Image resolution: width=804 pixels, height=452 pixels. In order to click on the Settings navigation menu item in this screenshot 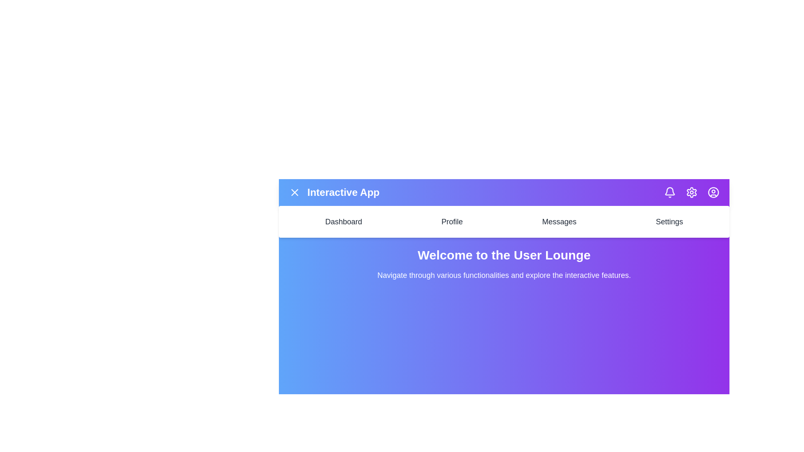, I will do `click(669, 221)`.